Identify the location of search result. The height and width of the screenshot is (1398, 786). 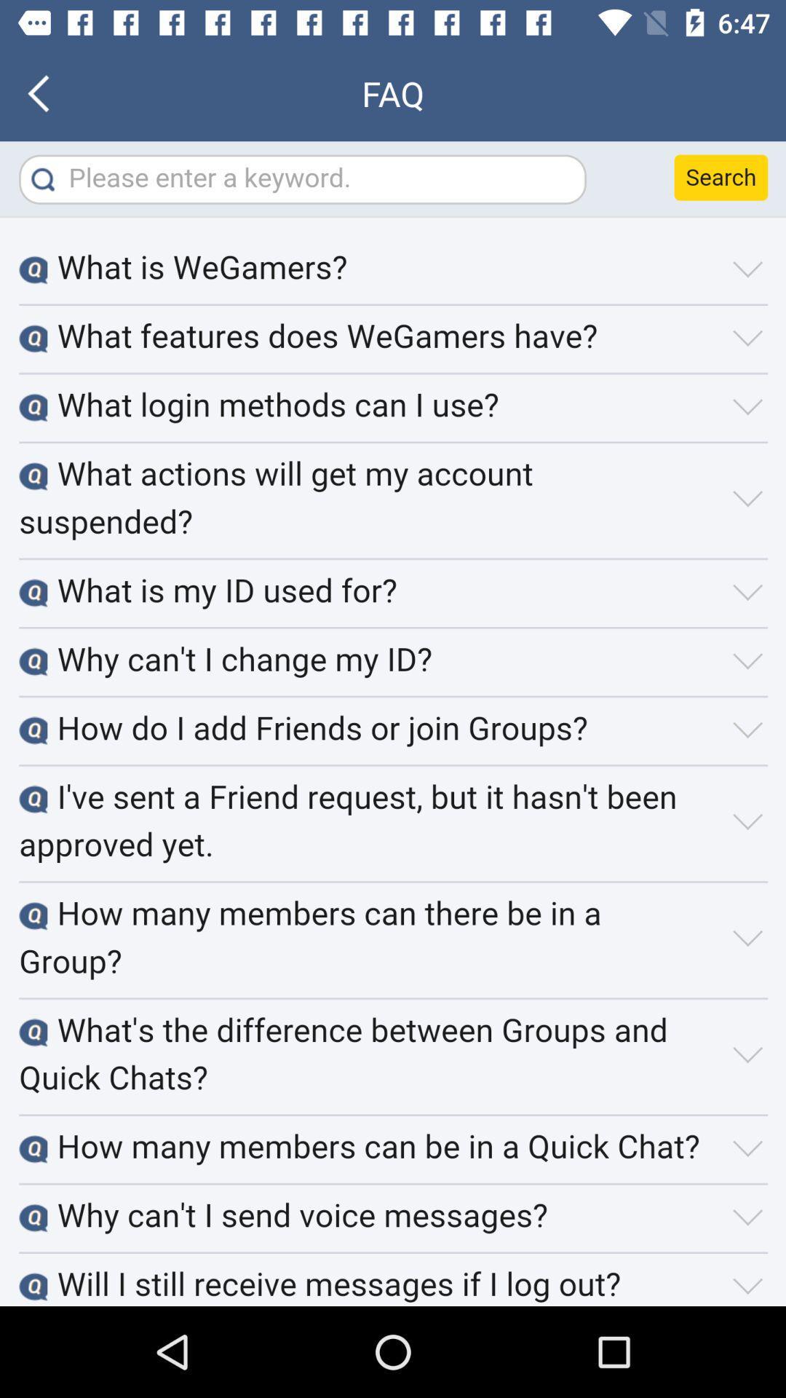
(393, 724).